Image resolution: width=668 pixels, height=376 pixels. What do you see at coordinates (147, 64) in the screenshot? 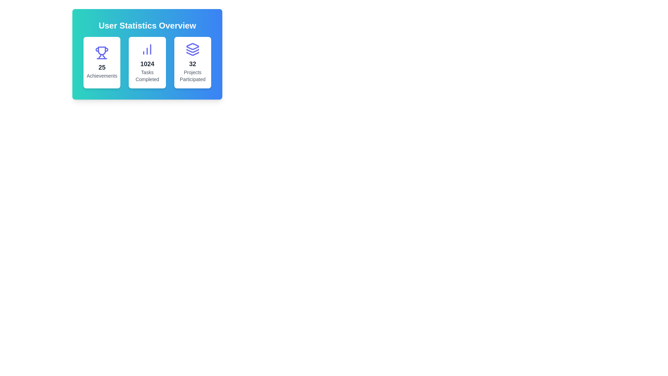
I see `the static text element displaying the total count of completed tasks, located in the 'Tasks Completed' card under 'User Statistics Overview'` at bounding box center [147, 64].